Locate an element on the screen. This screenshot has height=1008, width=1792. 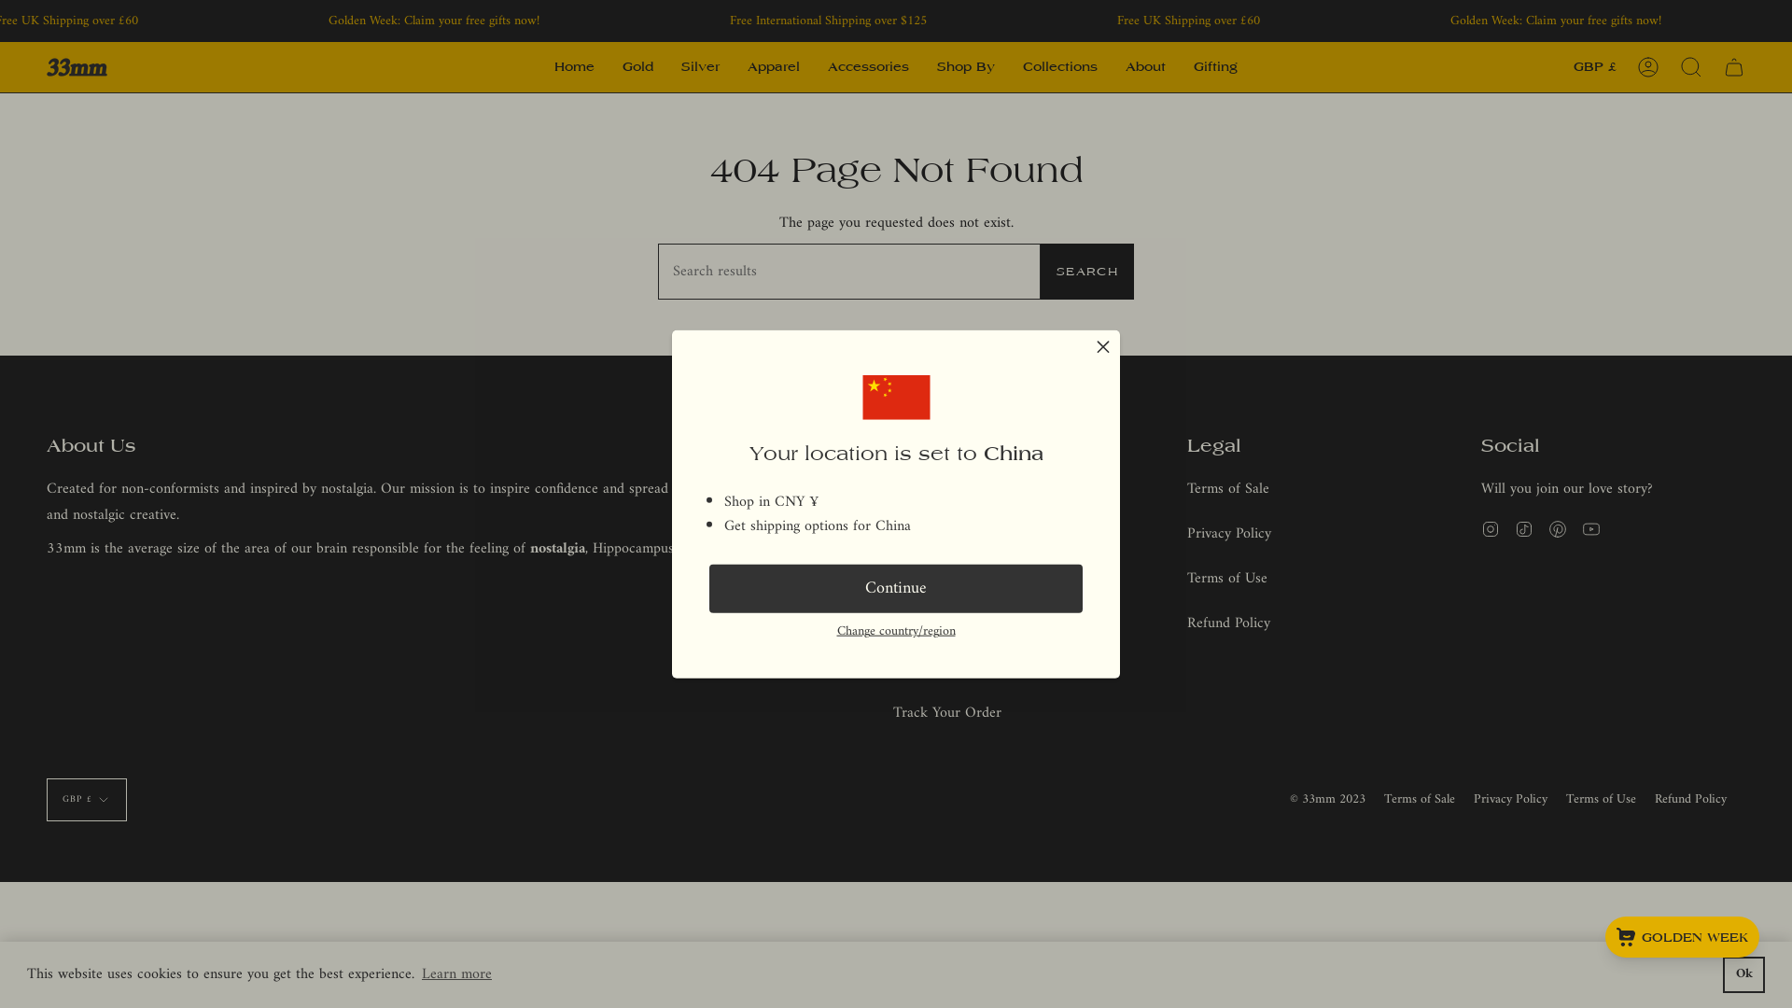
'Home' is located at coordinates (539, 66).